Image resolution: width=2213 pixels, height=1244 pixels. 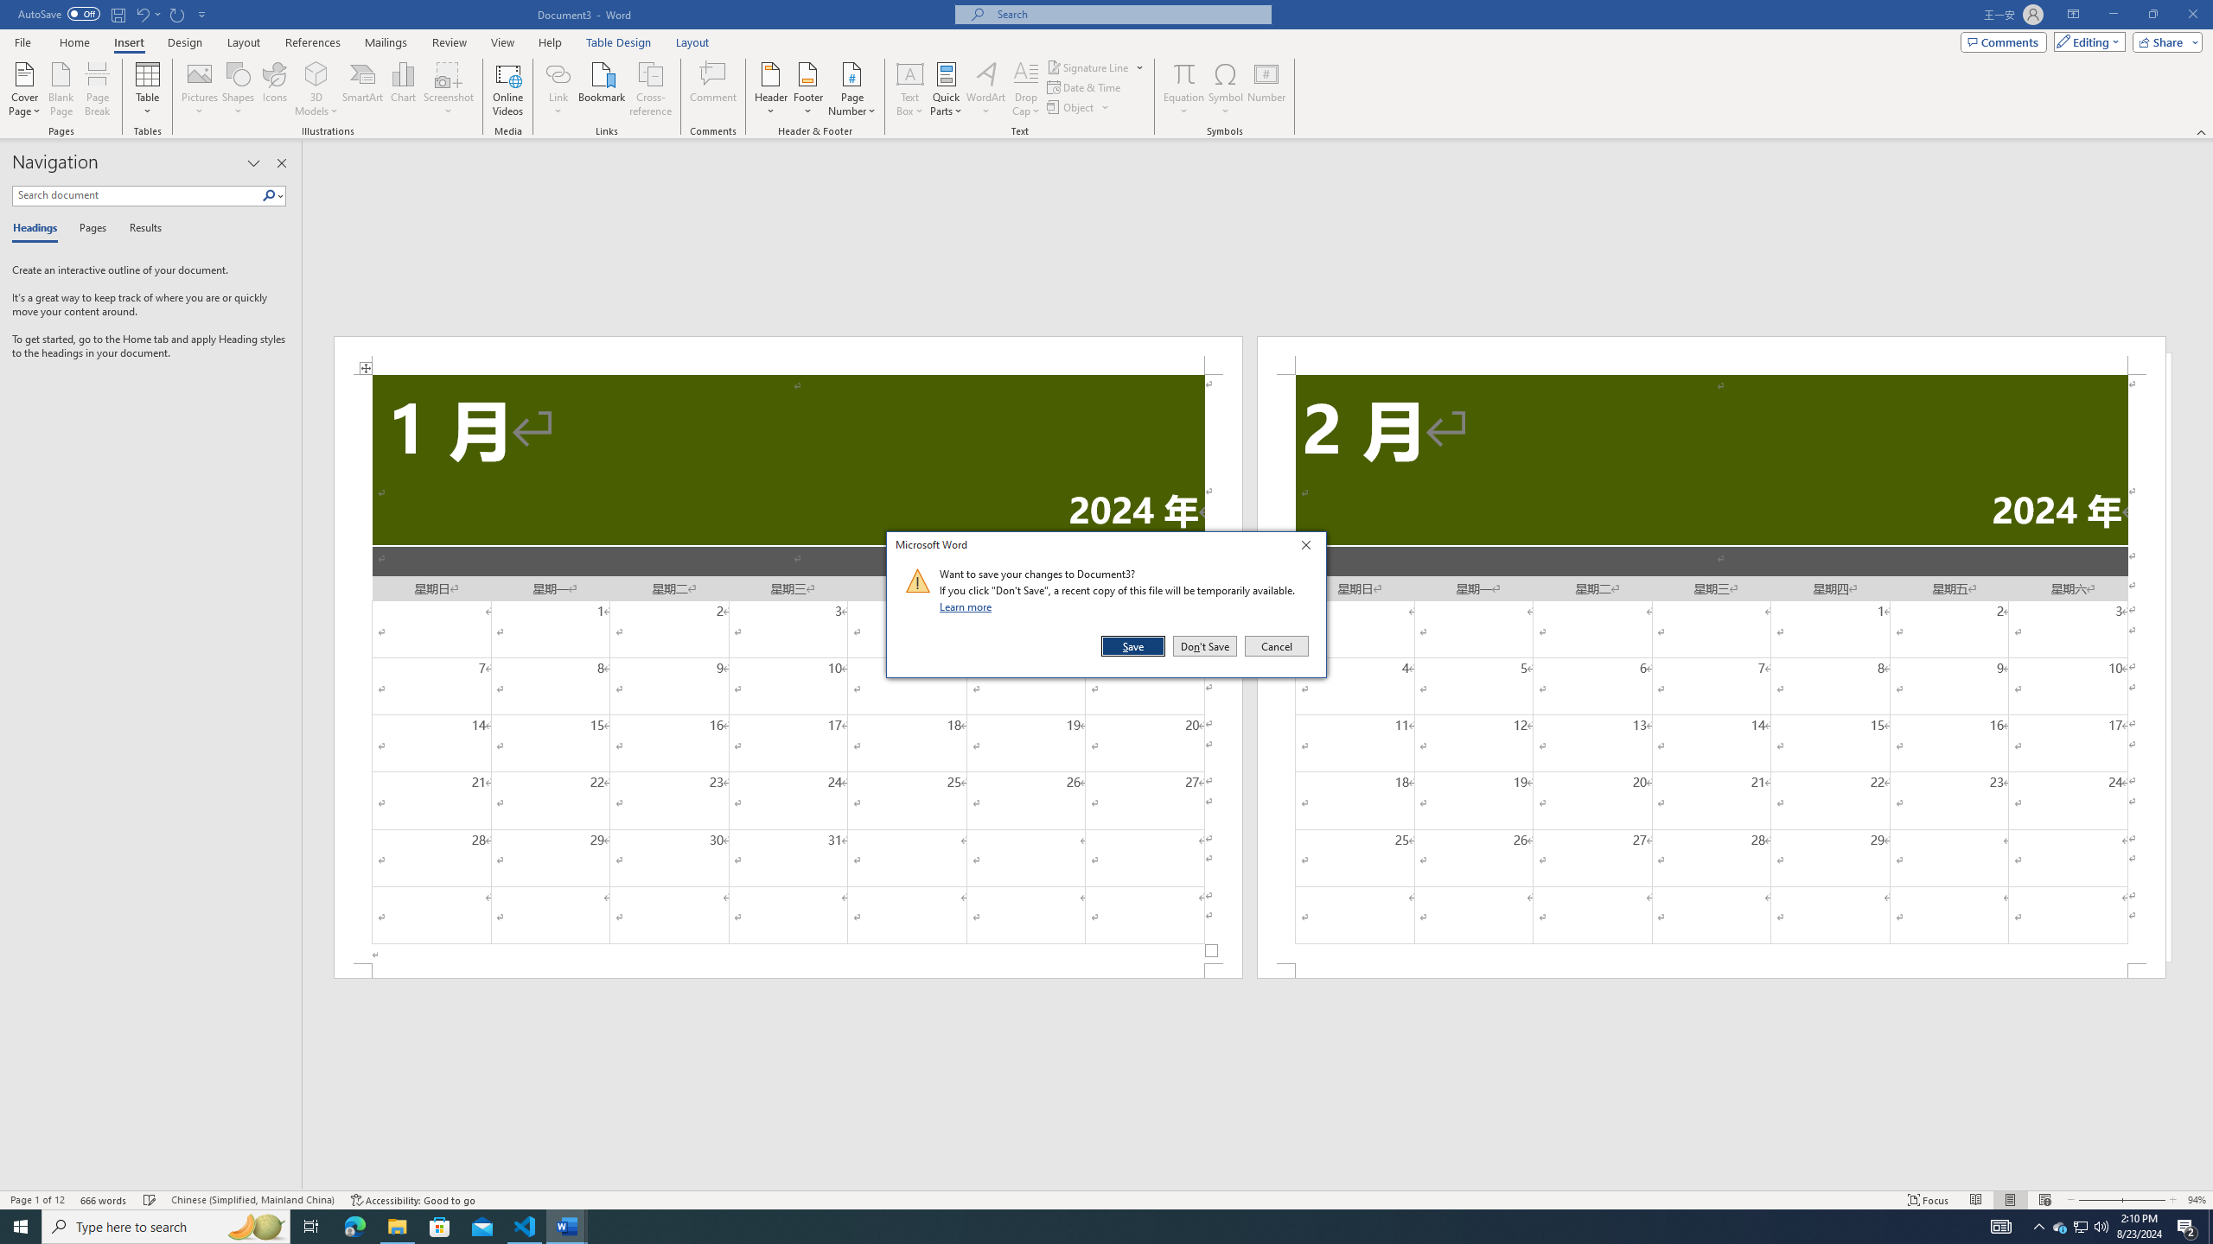 What do you see at coordinates (603, 89) in the screenshot?
I see `'Bookmark...'` at bounding box center [603, 89].